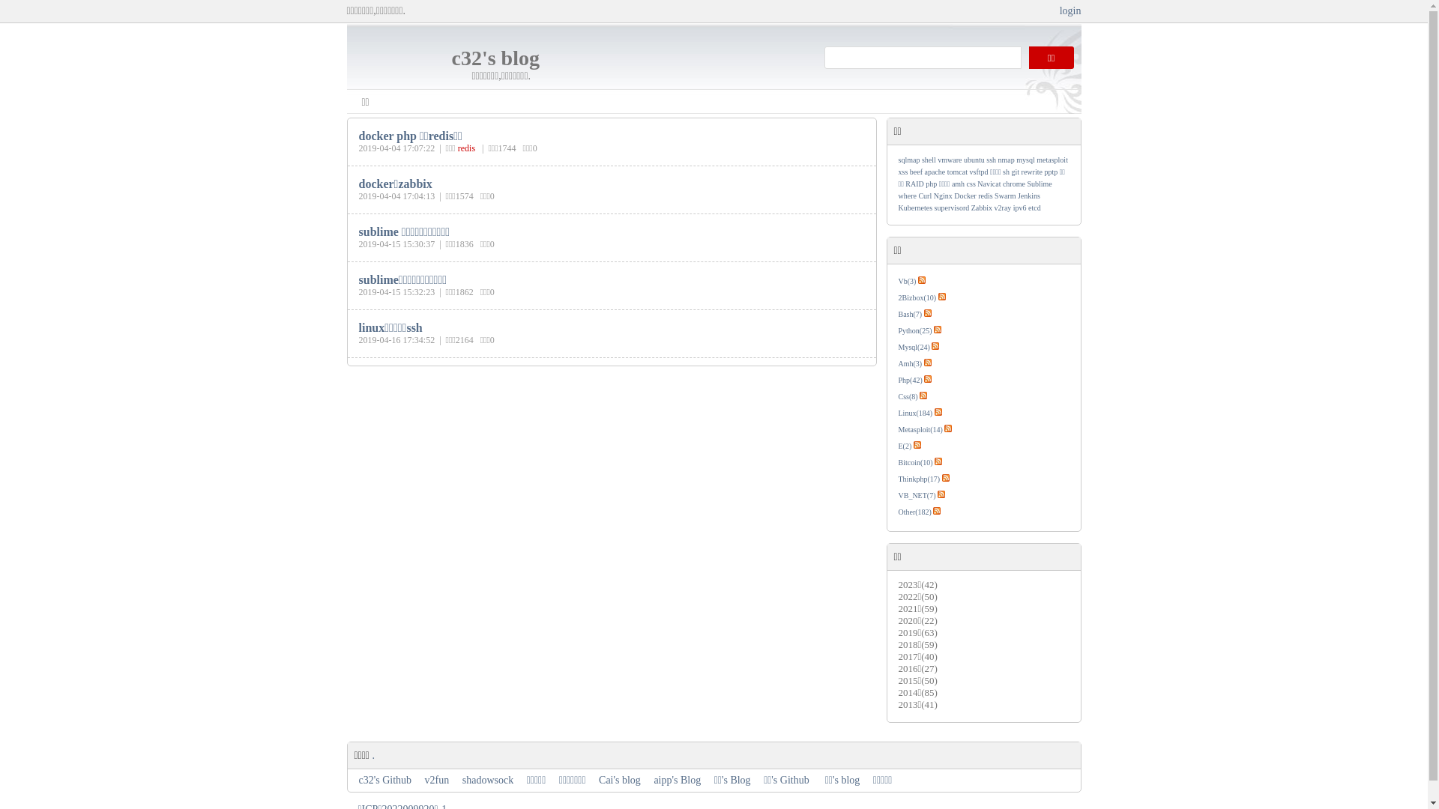  Describe the element at coordinates (1003, 207) in the screenshot. I see `'v2ray'` at that location.